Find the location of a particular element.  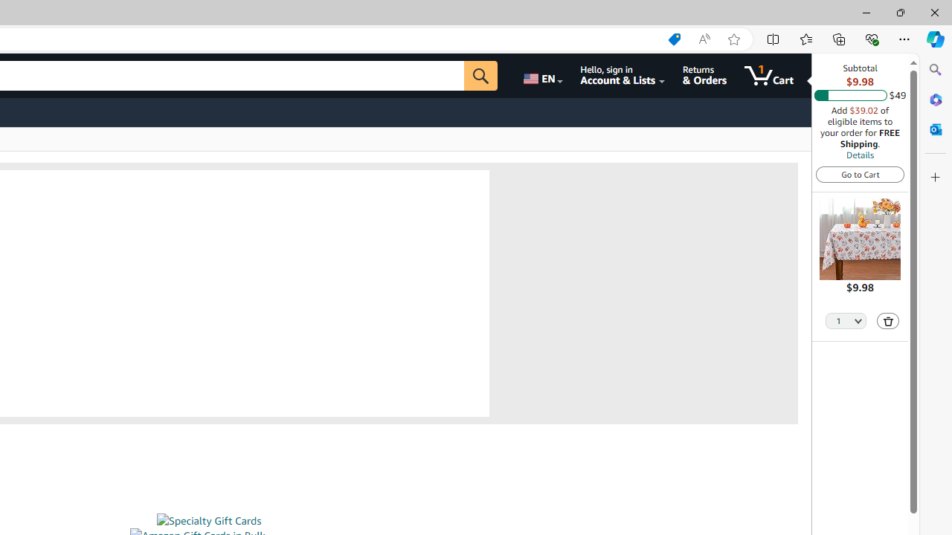

'Go' is located at coordinates (481, 75).